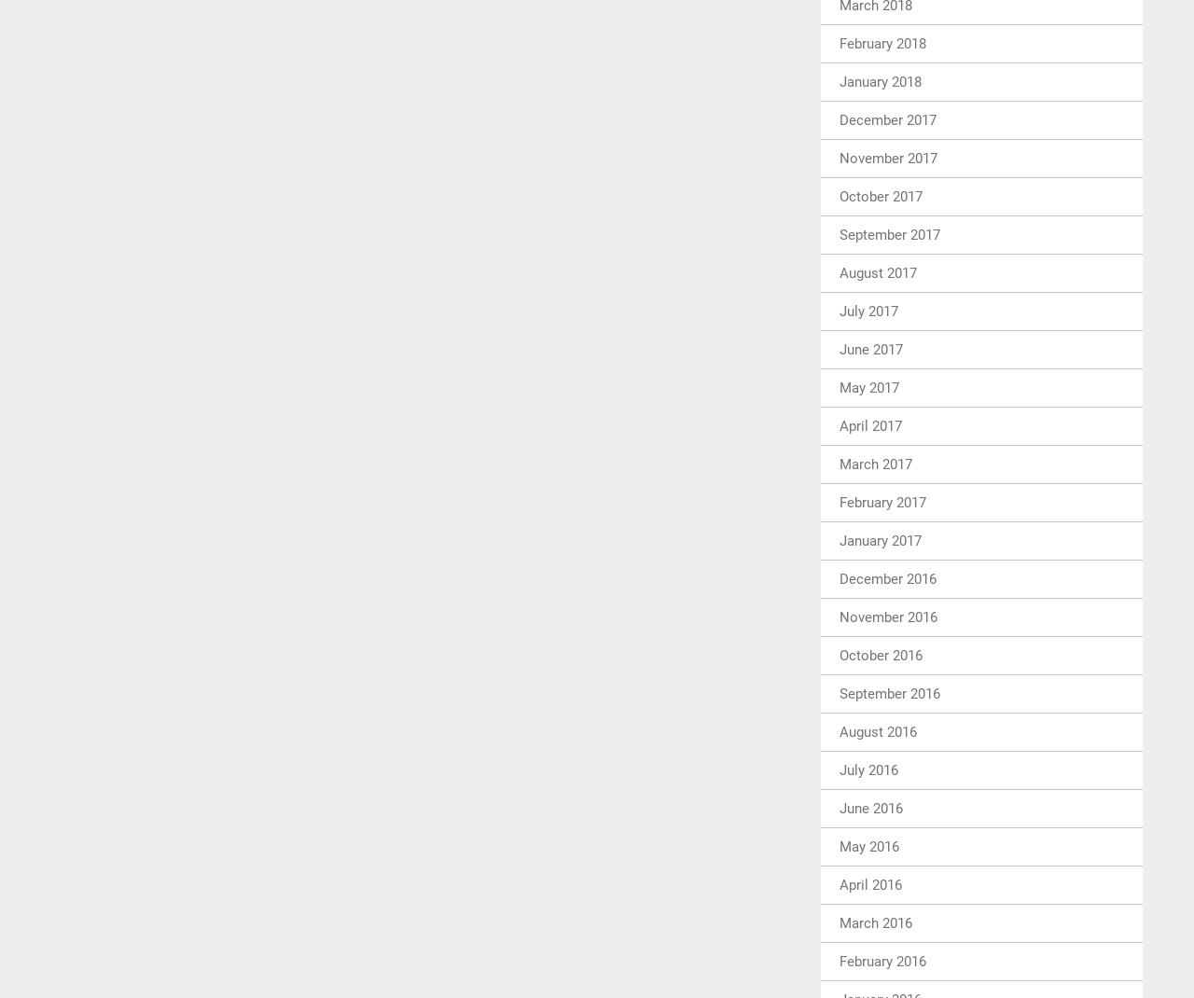  I want to click on 'February 2018', so click(882, 42).